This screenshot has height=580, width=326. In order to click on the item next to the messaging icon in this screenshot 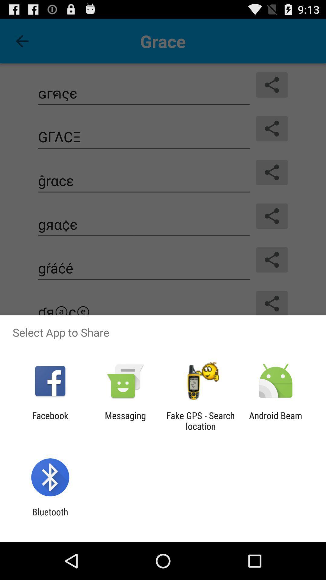, I will do `click(200, 420)`.